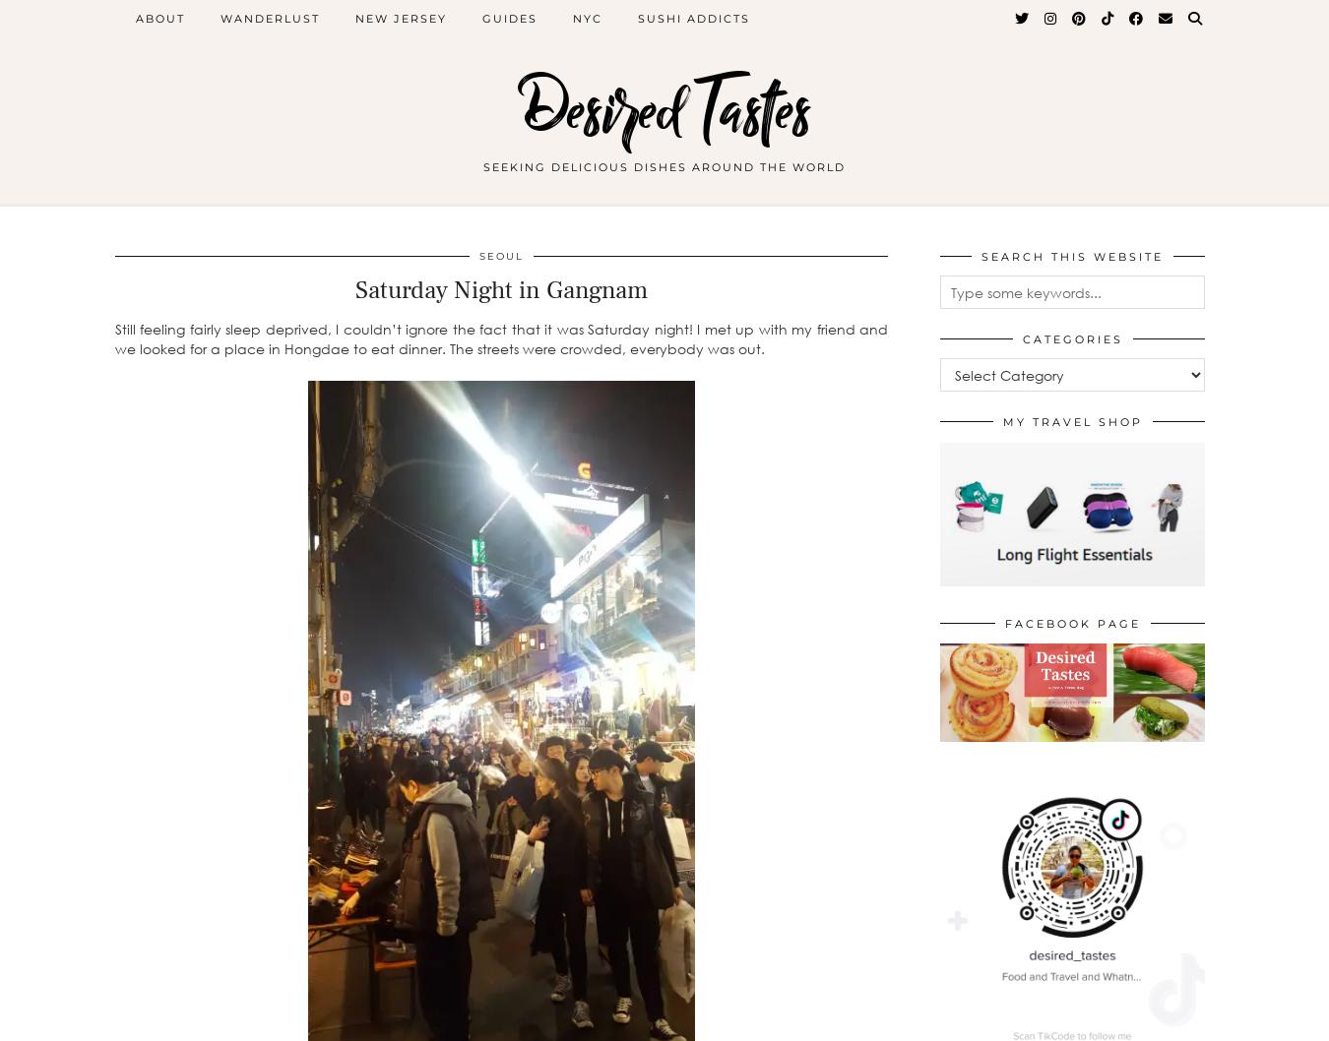 The height and width of the screenshot is (1041, 1329). Describe the element at coordinates (587, 19) in the screenshot. I see `'NYC'` at that location.